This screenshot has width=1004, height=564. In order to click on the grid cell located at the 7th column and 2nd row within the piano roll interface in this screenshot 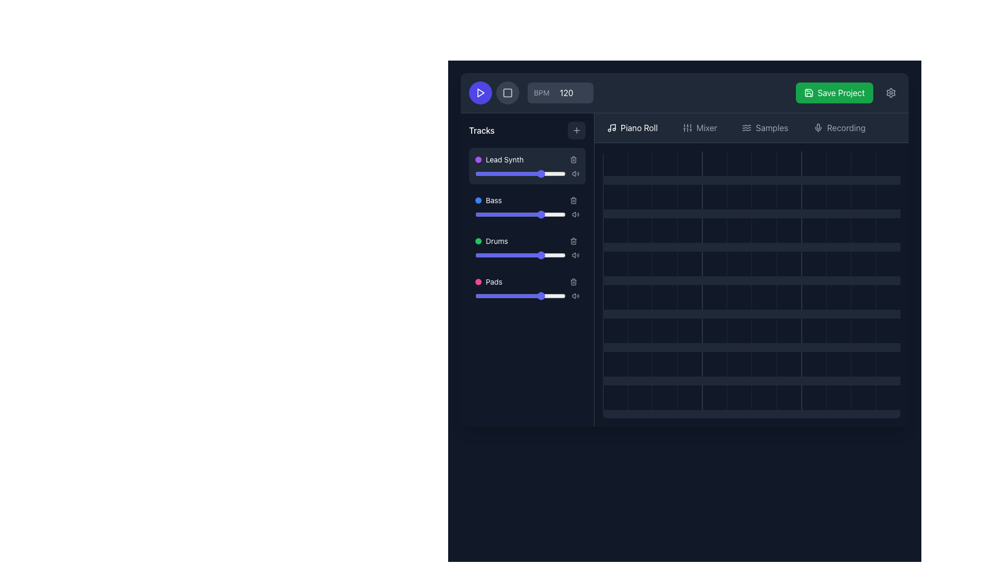, I will do `click(764, 197)`.